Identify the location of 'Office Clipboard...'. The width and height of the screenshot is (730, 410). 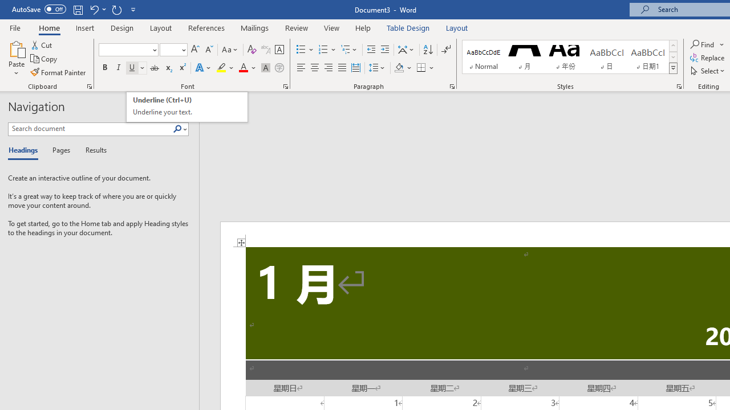
(88, 85).